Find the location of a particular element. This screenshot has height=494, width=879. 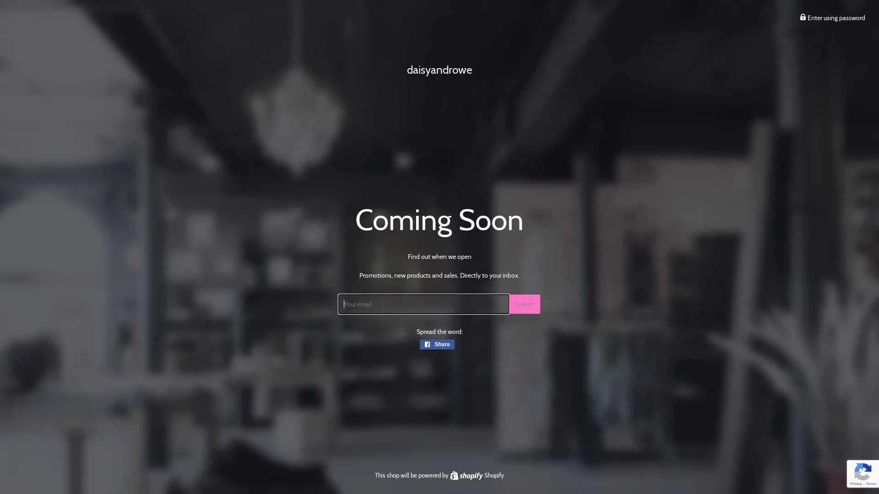

'Shopify logo Shopify' is located at coordinates (476, 474).